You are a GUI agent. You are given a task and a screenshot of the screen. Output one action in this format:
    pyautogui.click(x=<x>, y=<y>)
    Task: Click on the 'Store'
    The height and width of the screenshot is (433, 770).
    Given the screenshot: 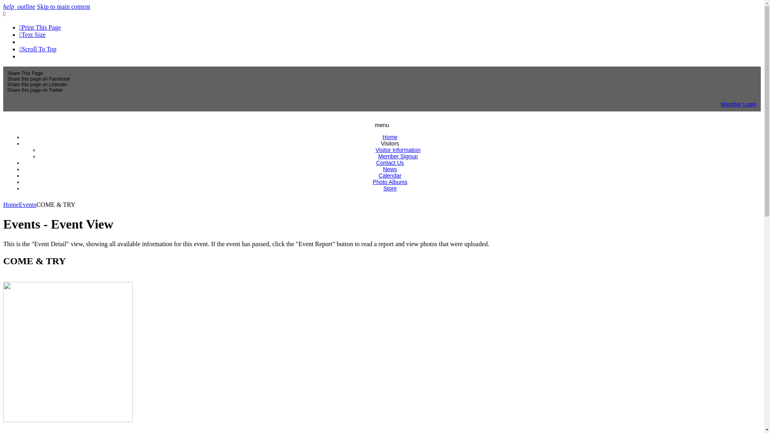 What is the action you would take?
    pyautogui.click(x=390, y=188)
    